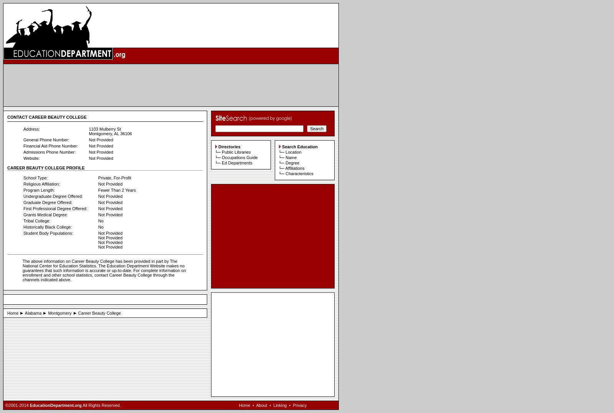  I want to click on 'Tribal College:', so click(36, 221).